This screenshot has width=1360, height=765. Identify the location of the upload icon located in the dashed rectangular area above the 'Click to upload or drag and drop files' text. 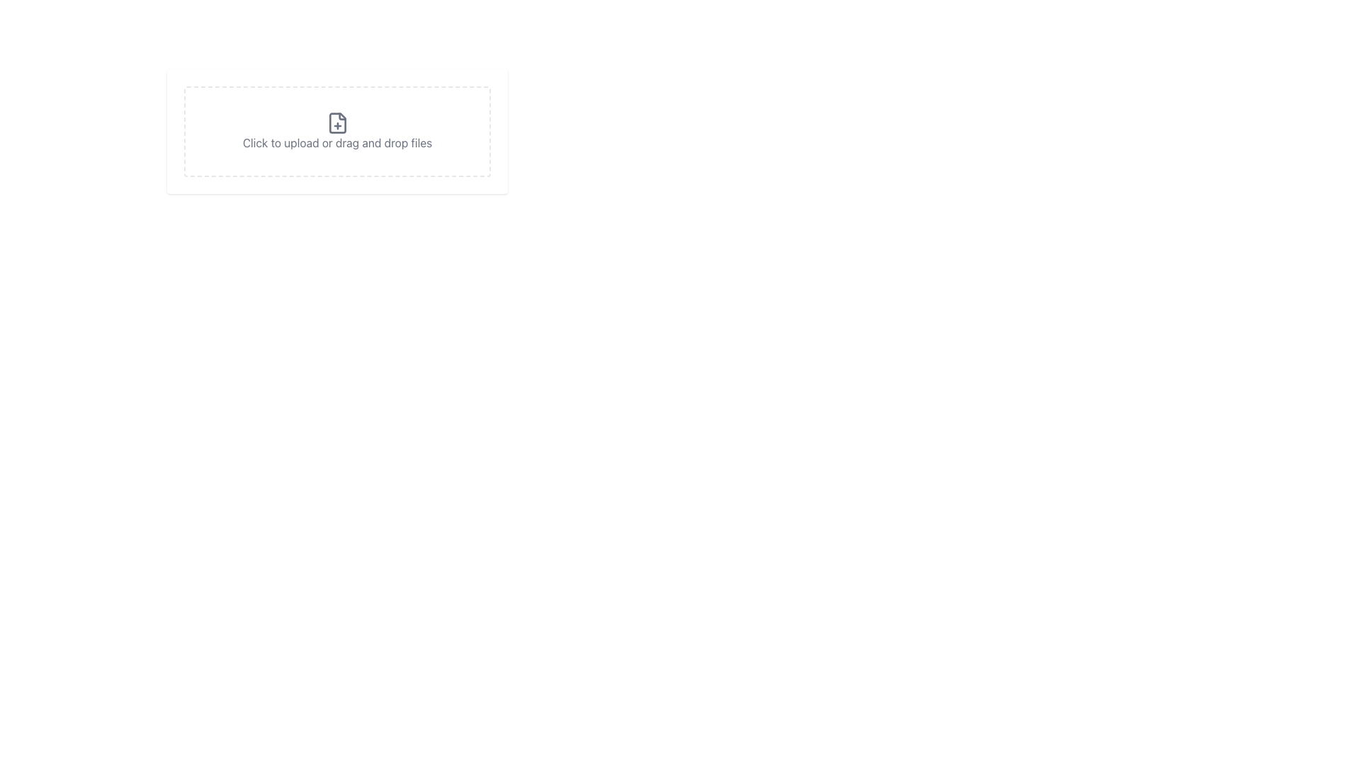
(336, 122).